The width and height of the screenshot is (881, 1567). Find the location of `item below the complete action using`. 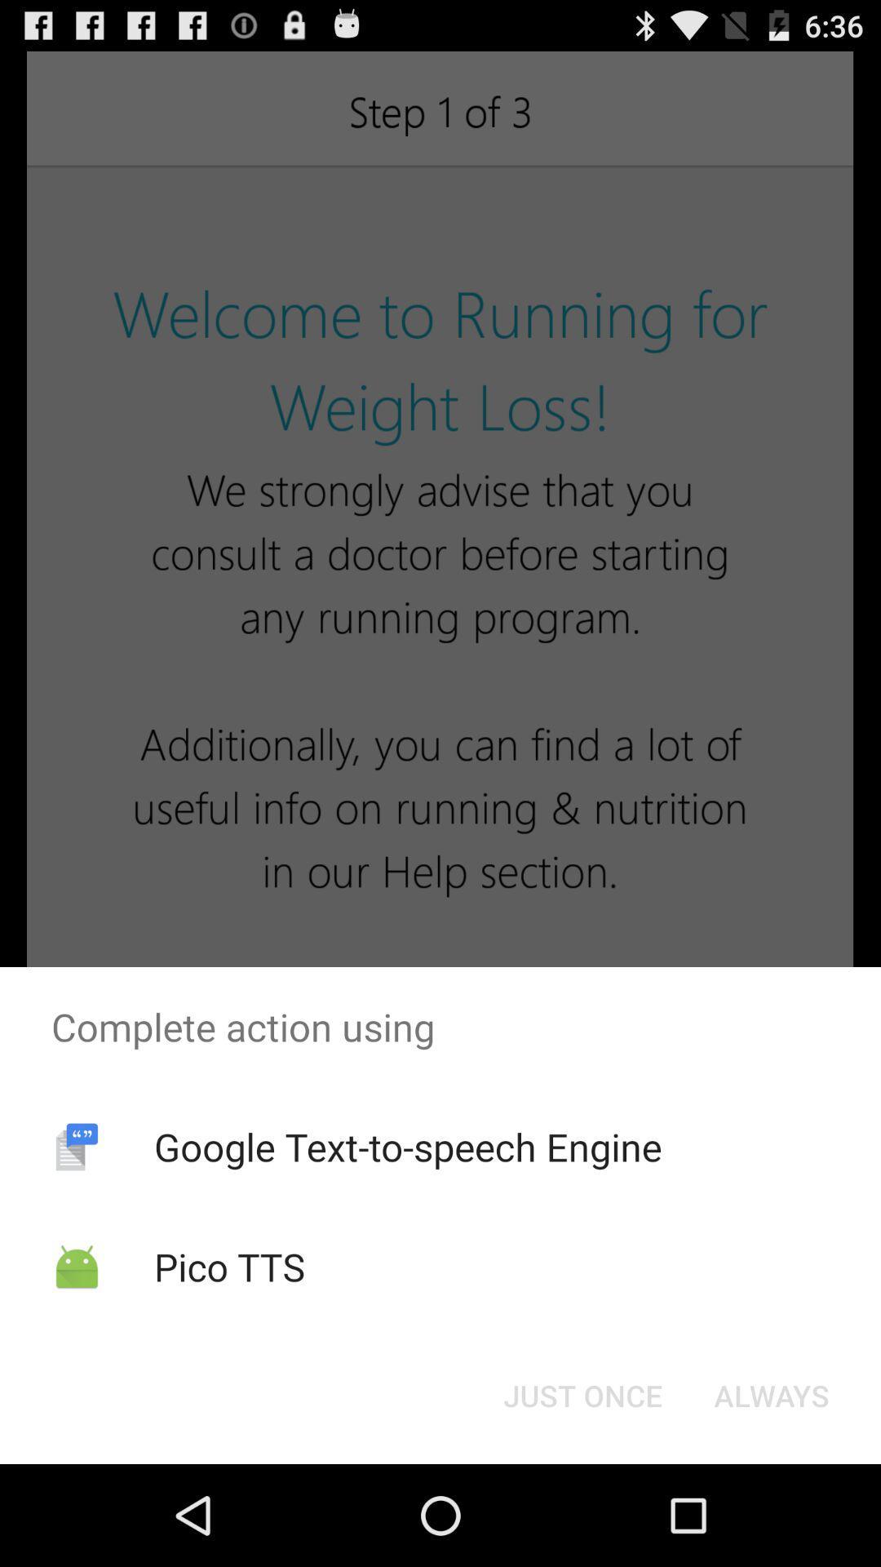

item below the complete action using is located at coordinates (407, 1146).